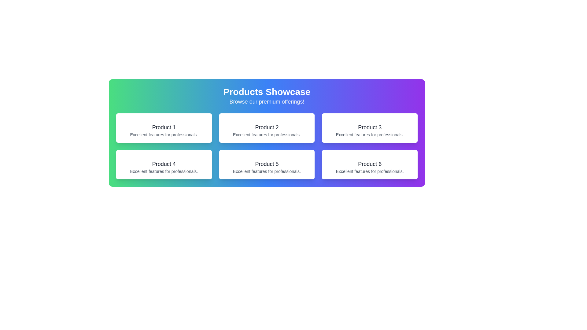 The image size is (587, 330). What do you see at coordinates (164, 164) in the screenshot?
I see `the product display card located in the second row, first column of the grid, which showcases a specific product with a title and description` at bounding box center [164, 164].